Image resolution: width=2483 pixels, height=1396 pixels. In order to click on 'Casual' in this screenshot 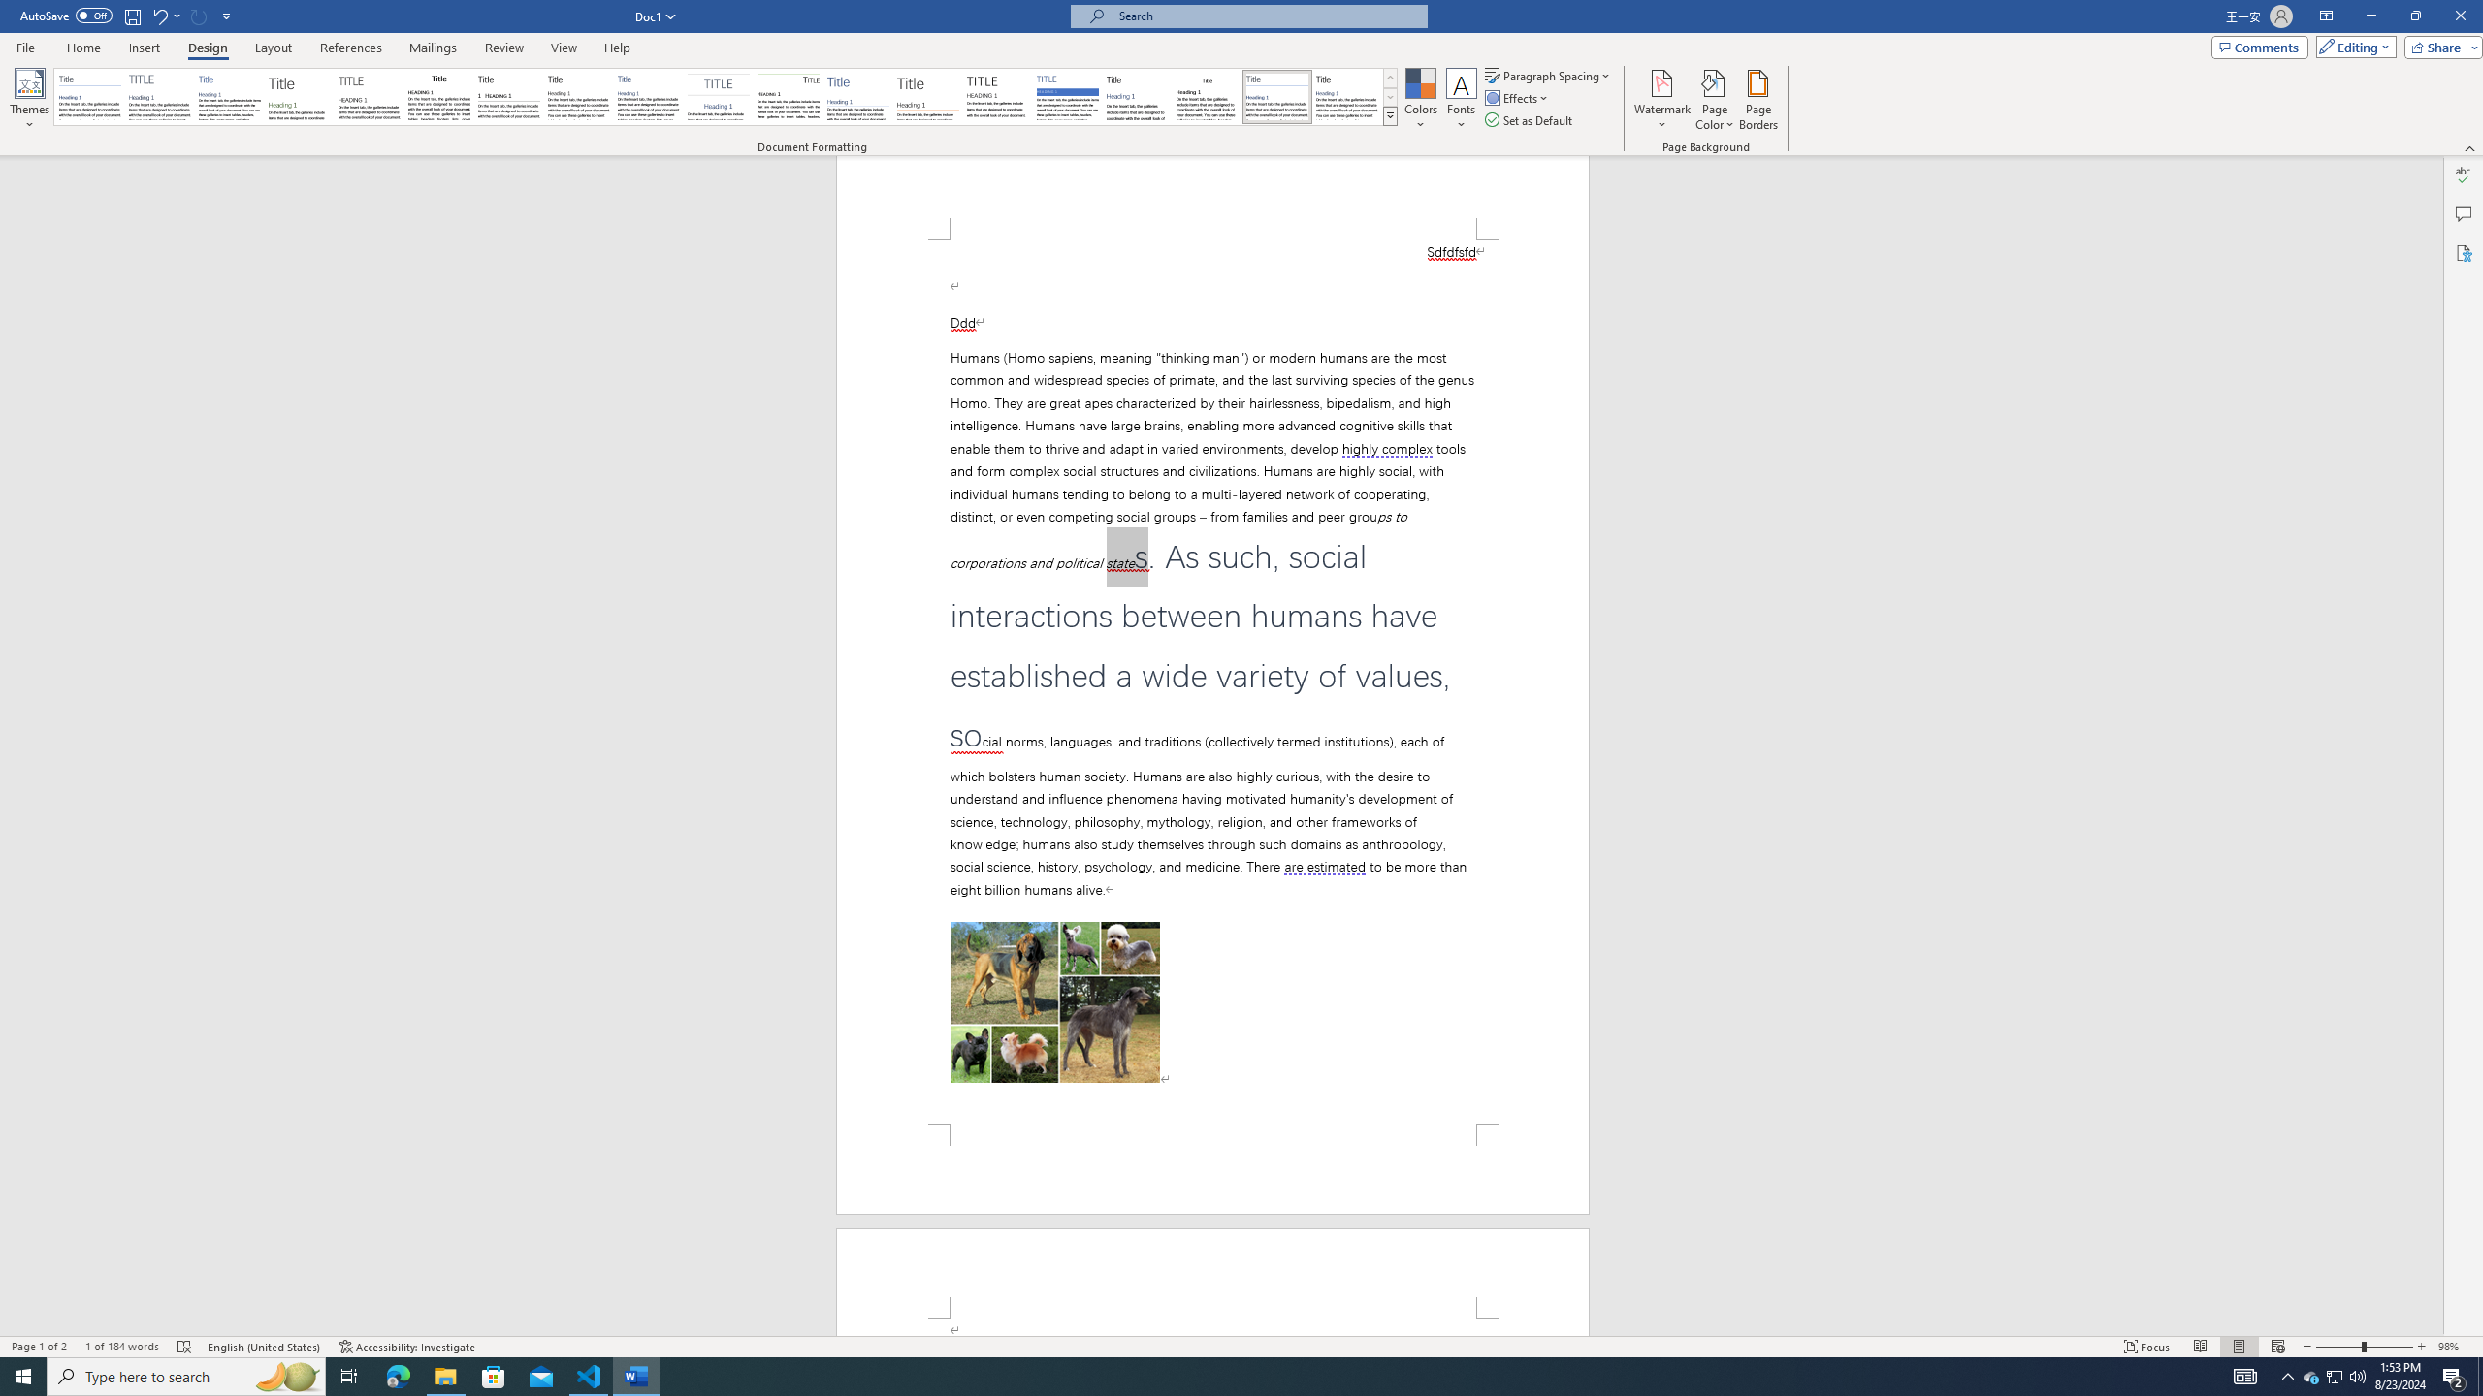, I will do `click(648, 96)`.